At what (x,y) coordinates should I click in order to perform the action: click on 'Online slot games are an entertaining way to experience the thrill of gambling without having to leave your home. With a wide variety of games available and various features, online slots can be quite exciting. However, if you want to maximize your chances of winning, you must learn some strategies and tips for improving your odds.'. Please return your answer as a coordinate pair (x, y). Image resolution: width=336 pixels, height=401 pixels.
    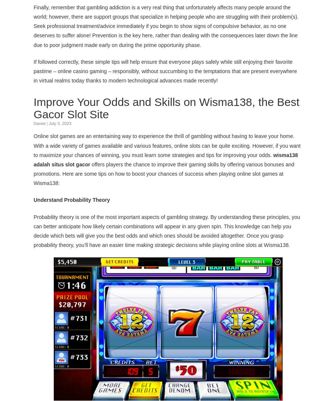
    Looking at the image, I should click on (167, 145).